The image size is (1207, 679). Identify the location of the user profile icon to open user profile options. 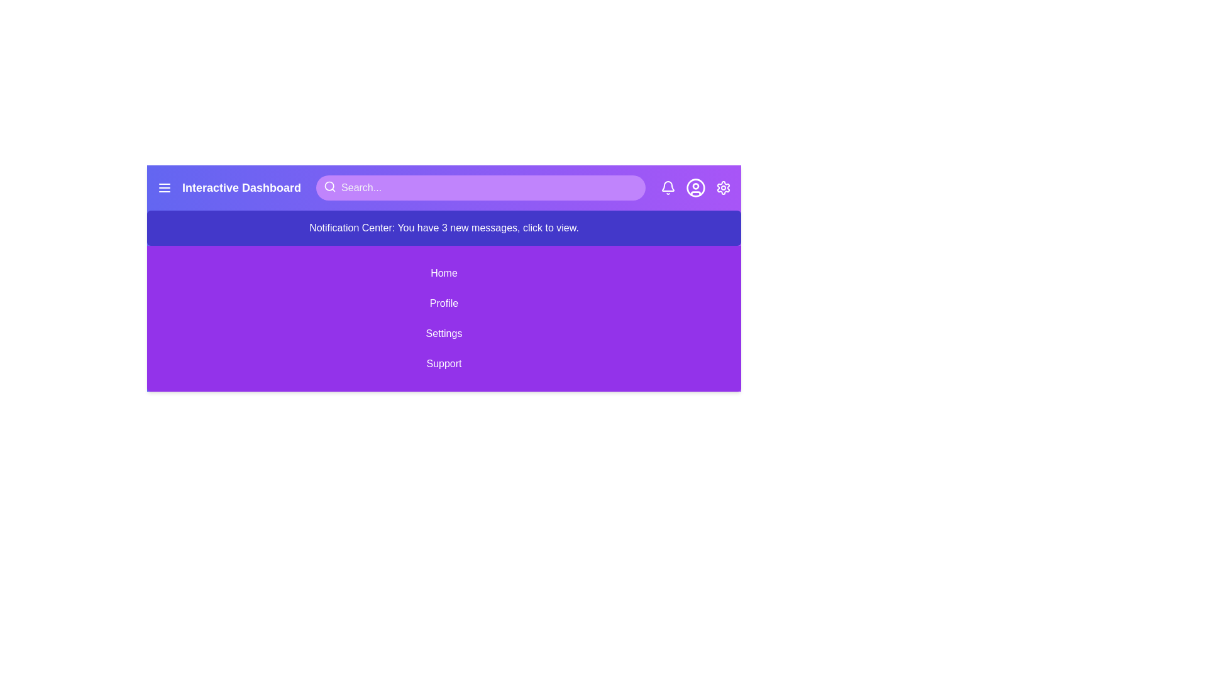
(695, 188).